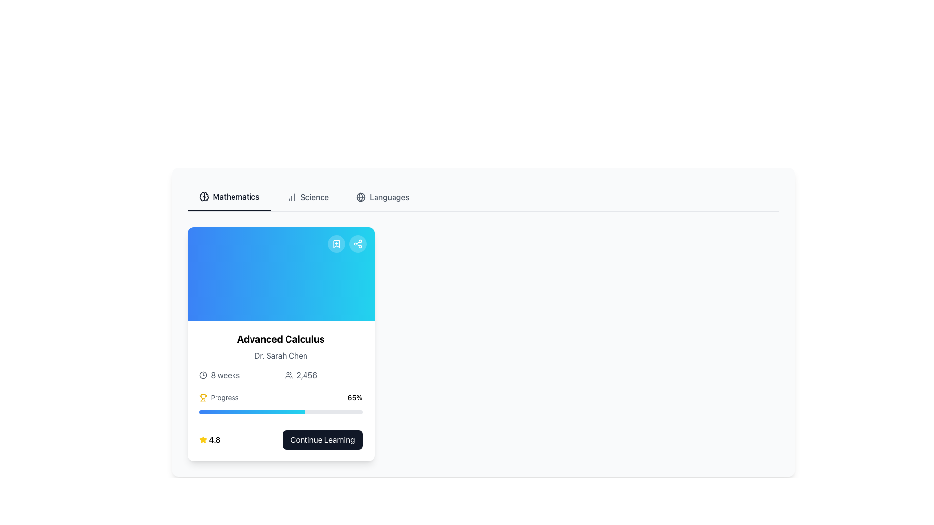  Describe the element at coordinates (336, 243) in the screenshot. I see `the circular button with a blurred white overlay and a bookmark icon with a plus sign to bookmark the course` at that location.